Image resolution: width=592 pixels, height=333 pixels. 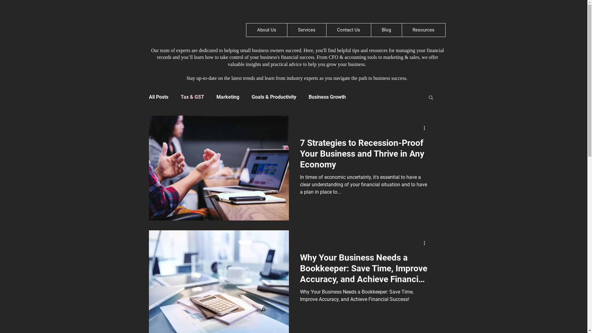 I want to click on 'Resources', so click(x=423, y=30).